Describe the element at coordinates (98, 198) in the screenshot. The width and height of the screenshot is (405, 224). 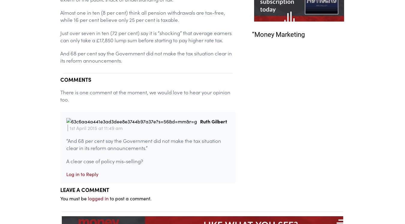
I see `'logged in'` at that location.